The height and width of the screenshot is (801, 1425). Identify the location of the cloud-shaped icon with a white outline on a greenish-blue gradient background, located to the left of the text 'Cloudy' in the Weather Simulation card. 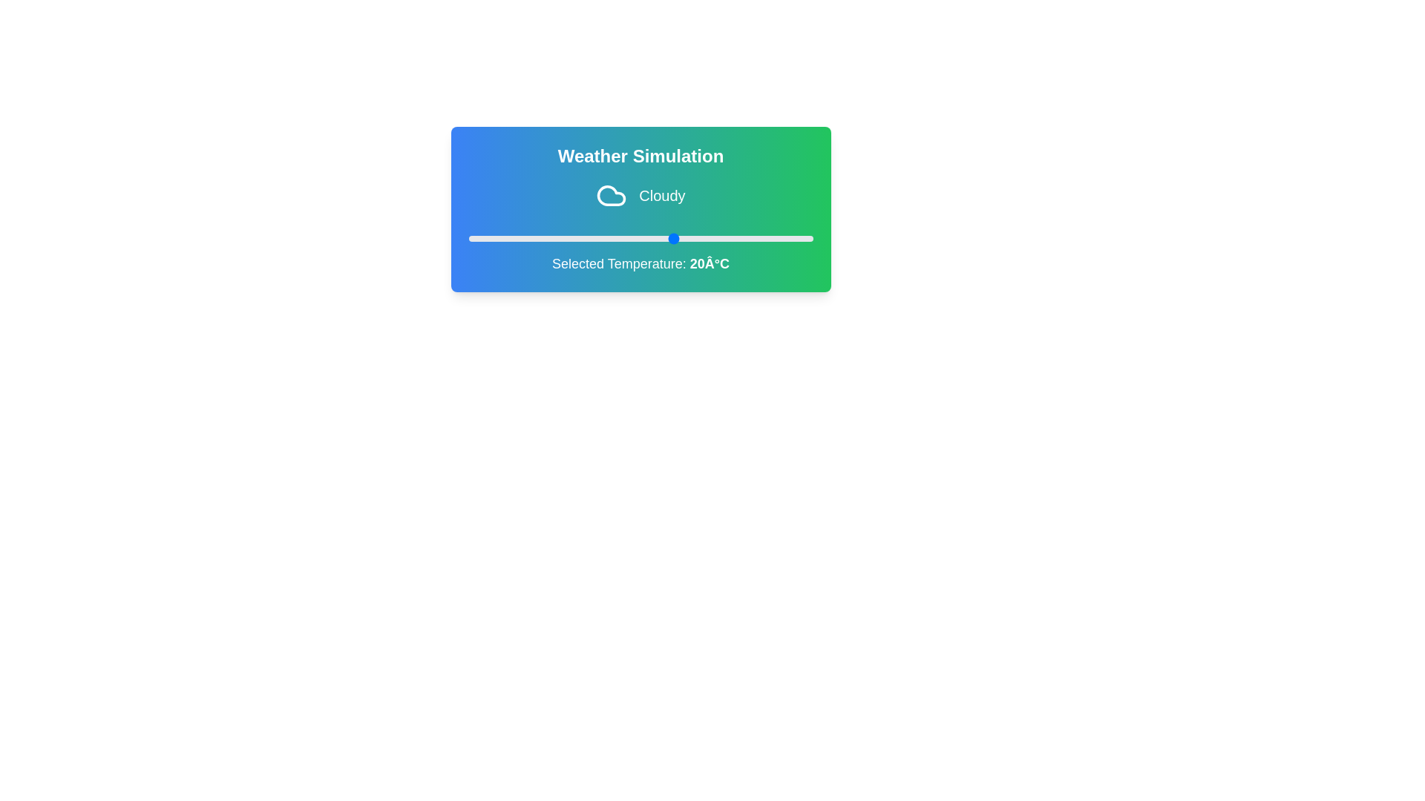
(612, 194).